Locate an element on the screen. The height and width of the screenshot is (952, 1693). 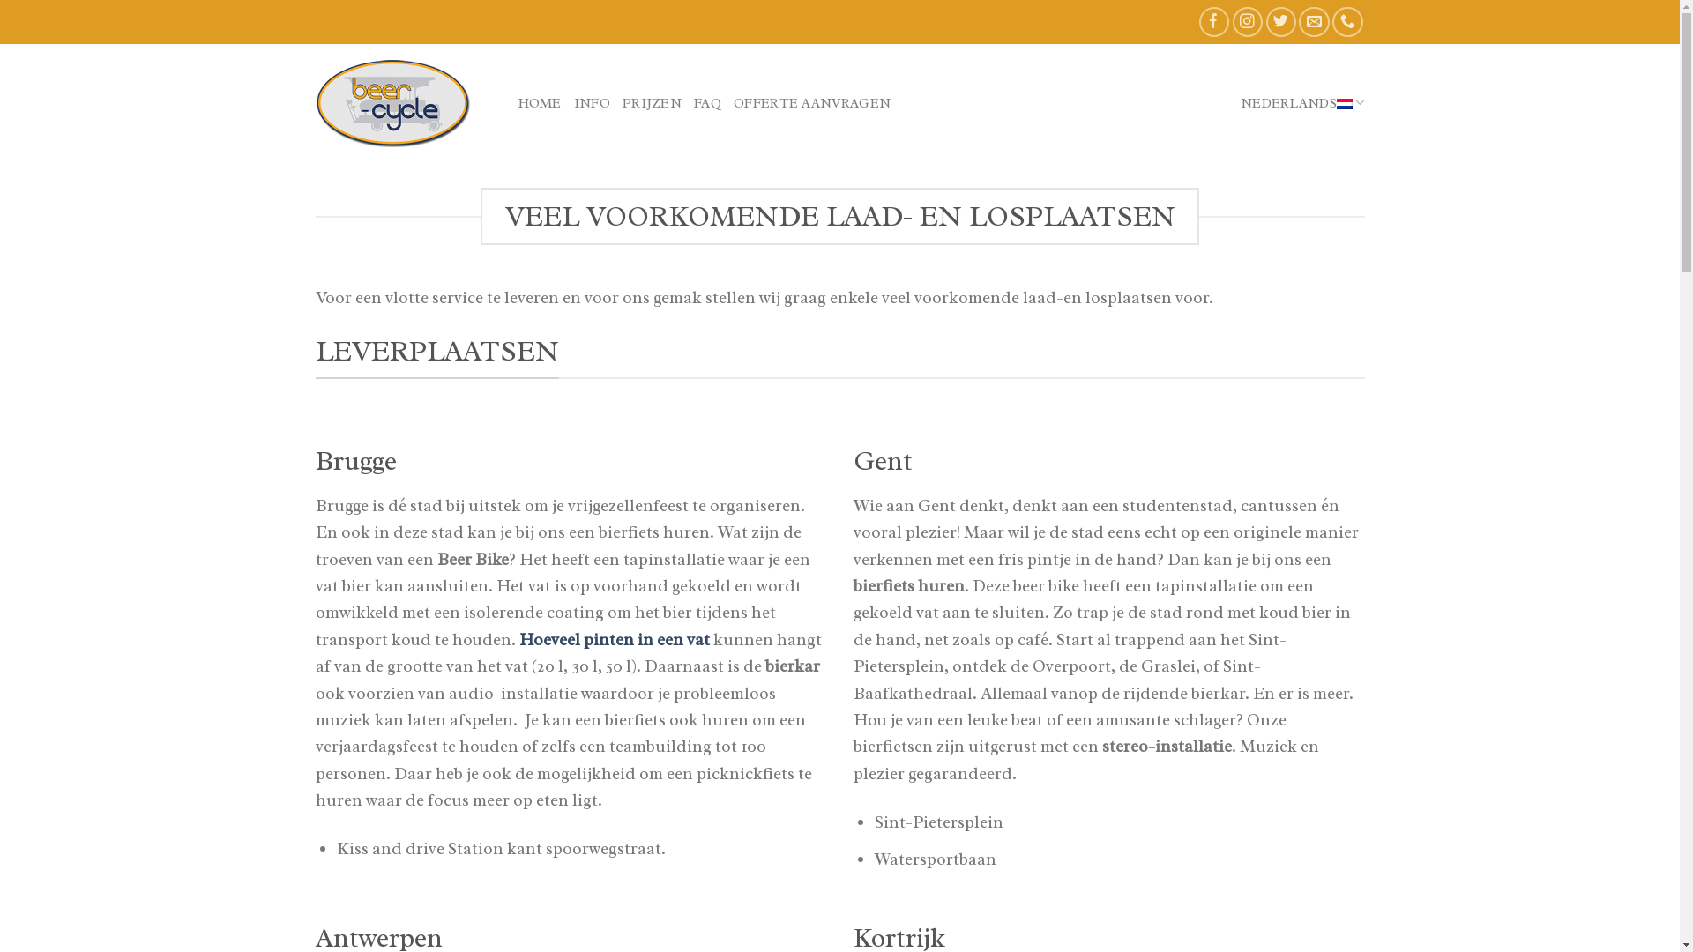
'Volg ons op Facebook' is located at coordinates (1213, 22).